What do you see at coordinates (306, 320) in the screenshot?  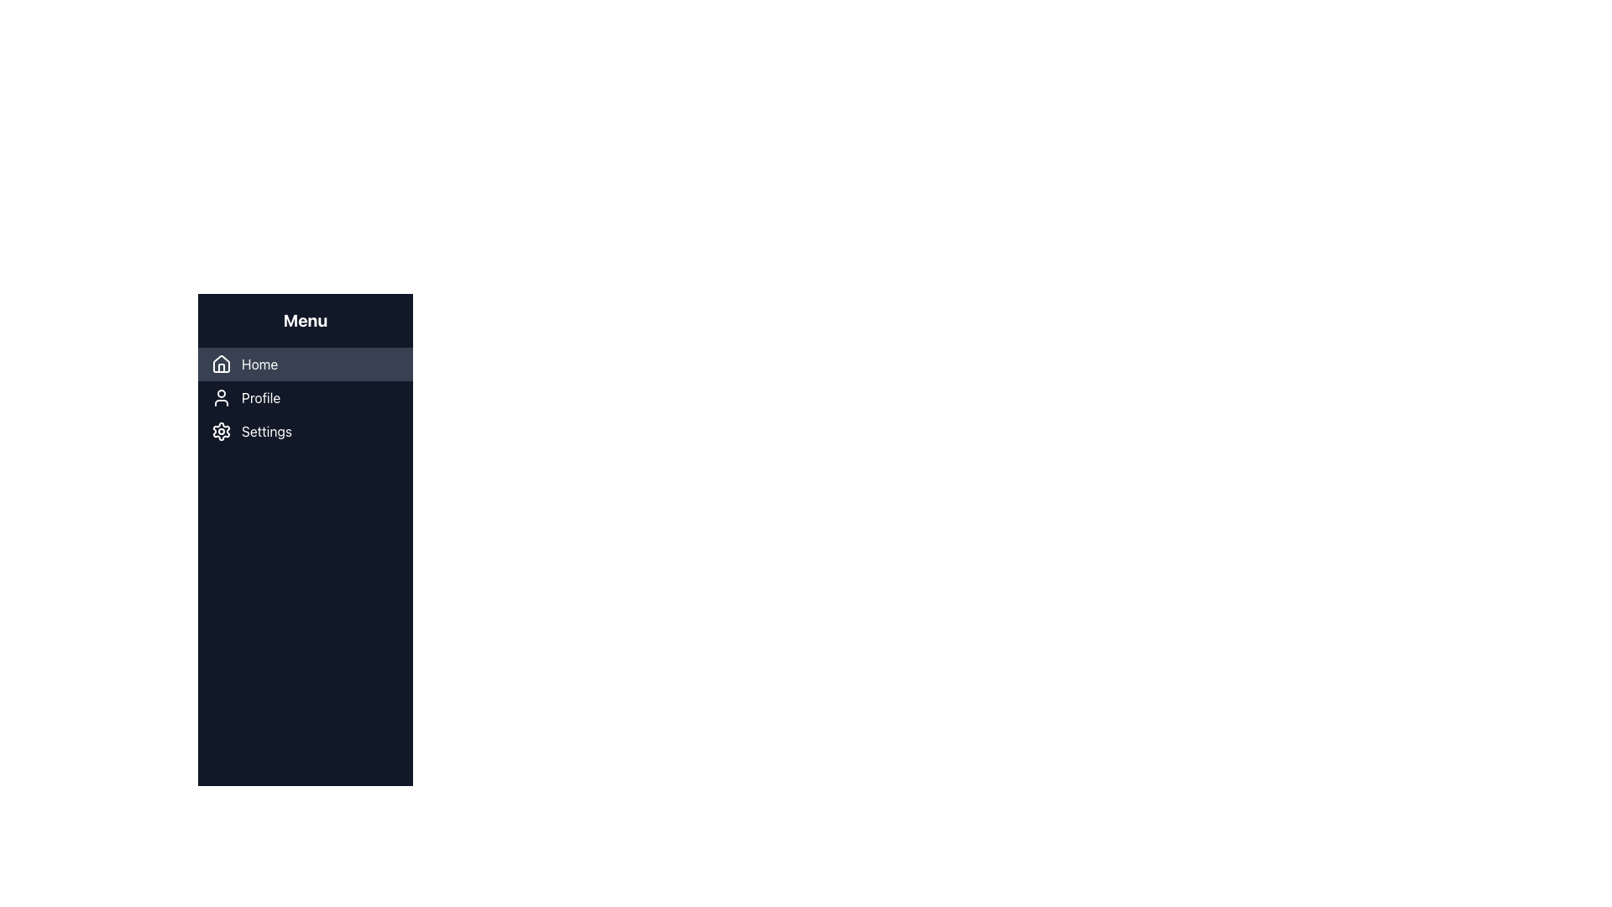 I see `the Static Text element that serves as the header for the menu sidebar, located directly above the options 'Home', 'Profile', and 'Settings'` at bounding box center [306, 320].